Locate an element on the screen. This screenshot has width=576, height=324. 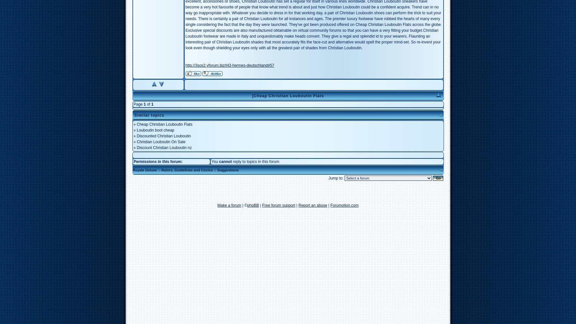
'Rulers, Guidelines and Circles' is located at coordinates (161, 170).